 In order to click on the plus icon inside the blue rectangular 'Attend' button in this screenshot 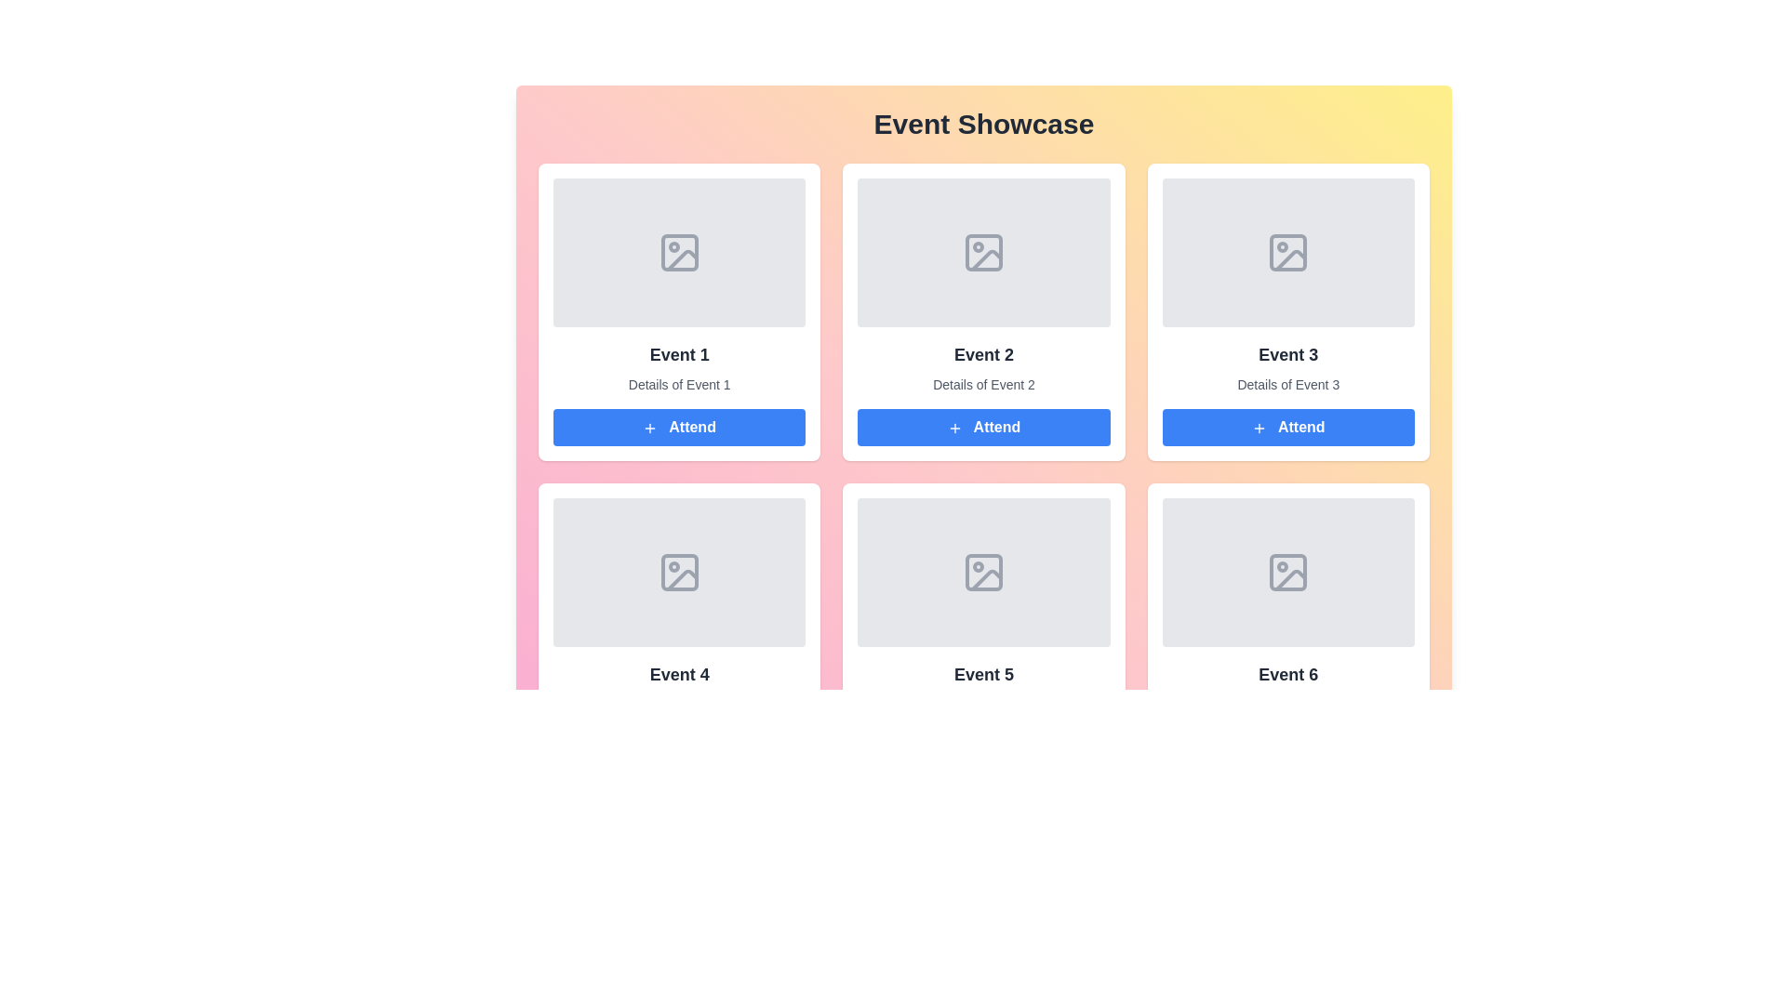, I will do `click(650, 428)`.